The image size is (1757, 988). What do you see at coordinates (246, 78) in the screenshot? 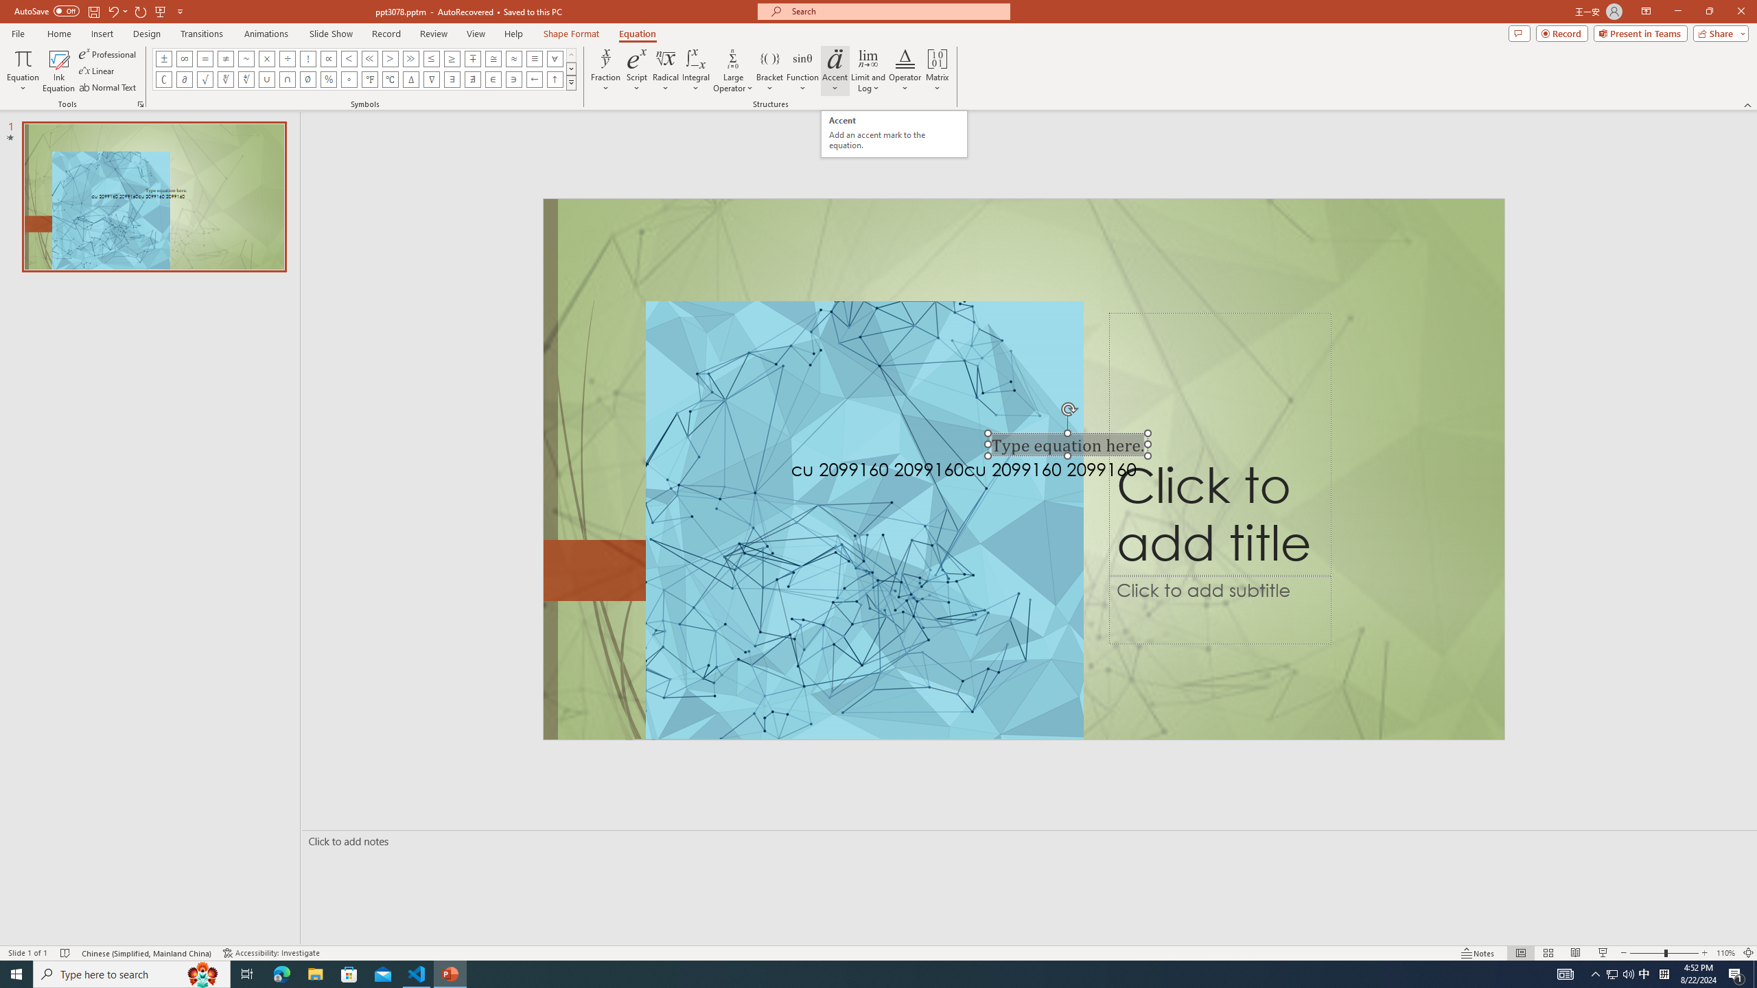
I see `'Equation Symbol Fourth Root'` at bounding box center [246, 78].